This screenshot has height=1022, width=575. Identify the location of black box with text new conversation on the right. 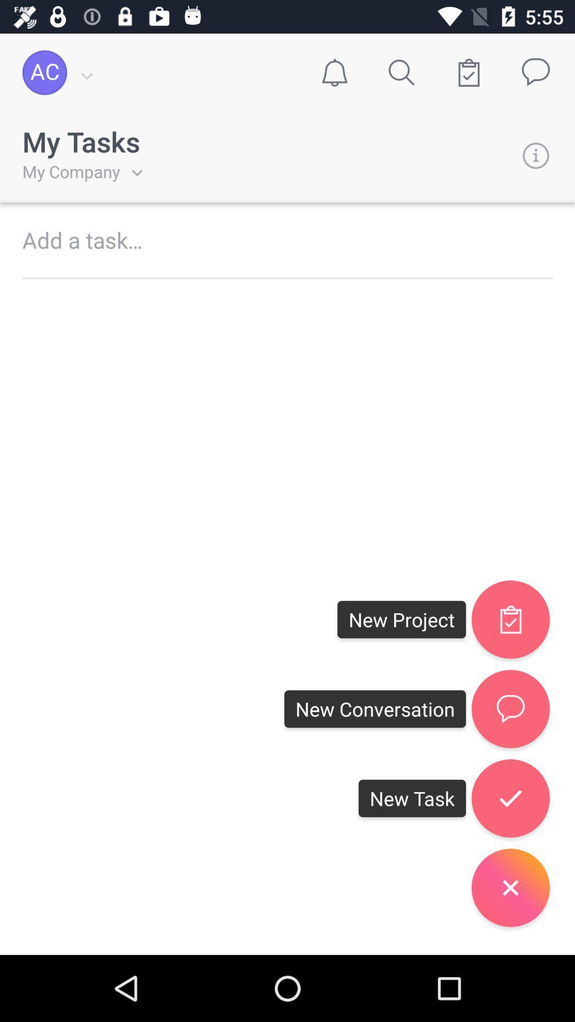
(375, 708).